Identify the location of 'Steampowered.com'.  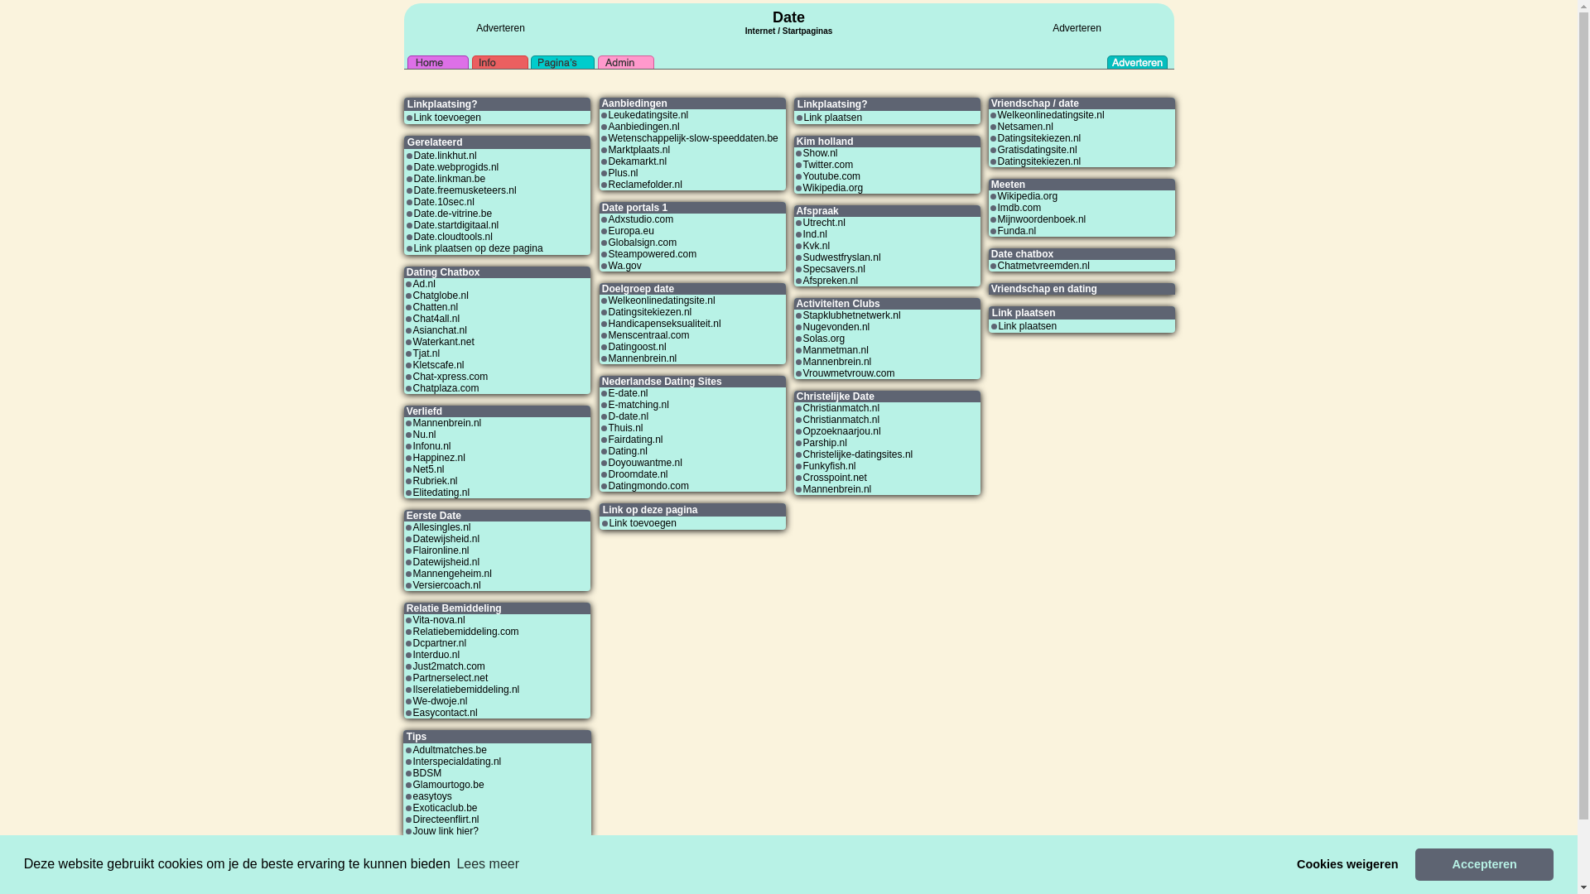
(651, 254).